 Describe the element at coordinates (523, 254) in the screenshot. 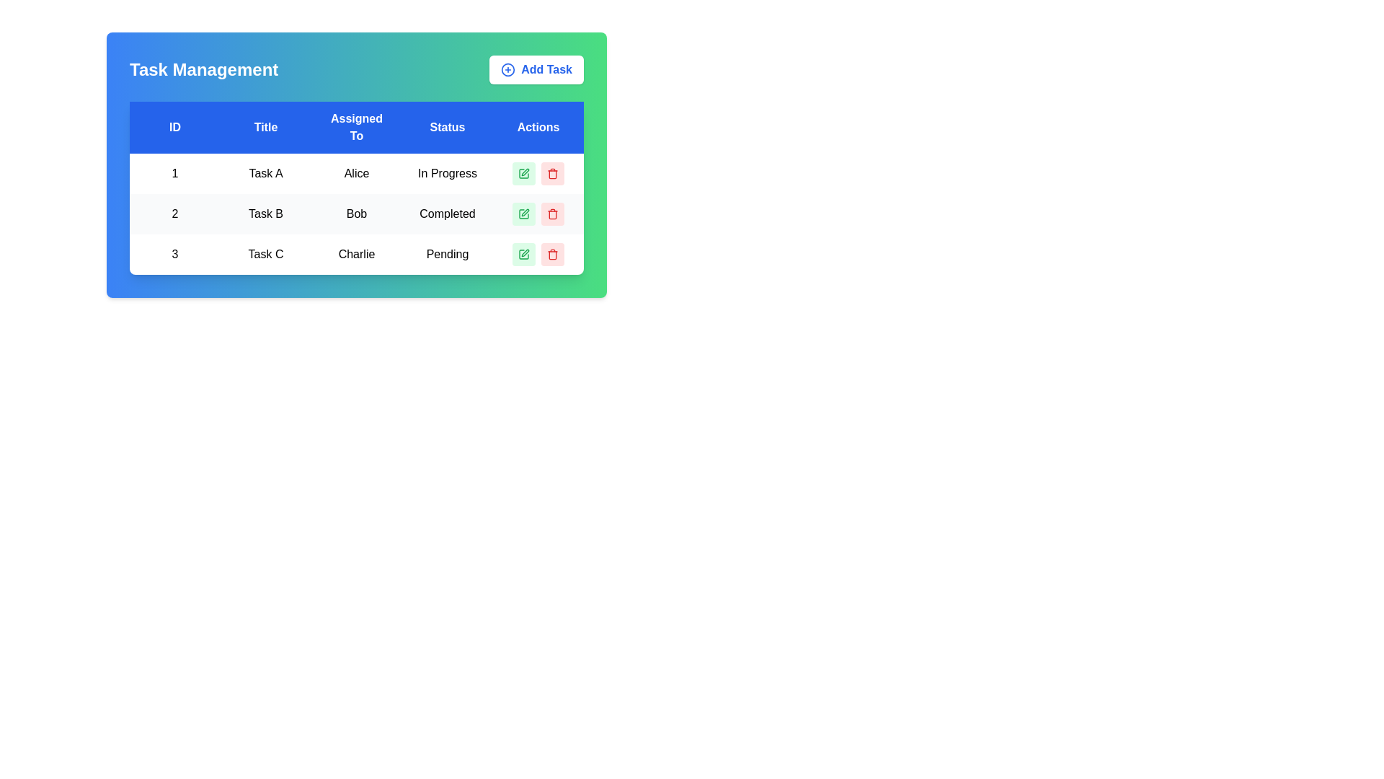

I see `the green square icon button located in the 'Actions' column of the third row in the task management table` at that location.